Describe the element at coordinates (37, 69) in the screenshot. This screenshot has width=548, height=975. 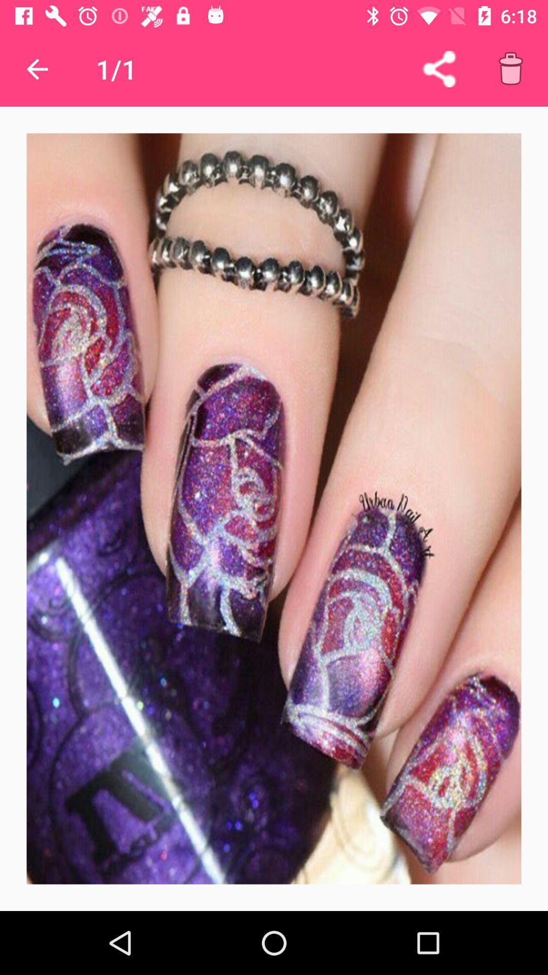
I see `icon next to the 1/1 app` at that location.